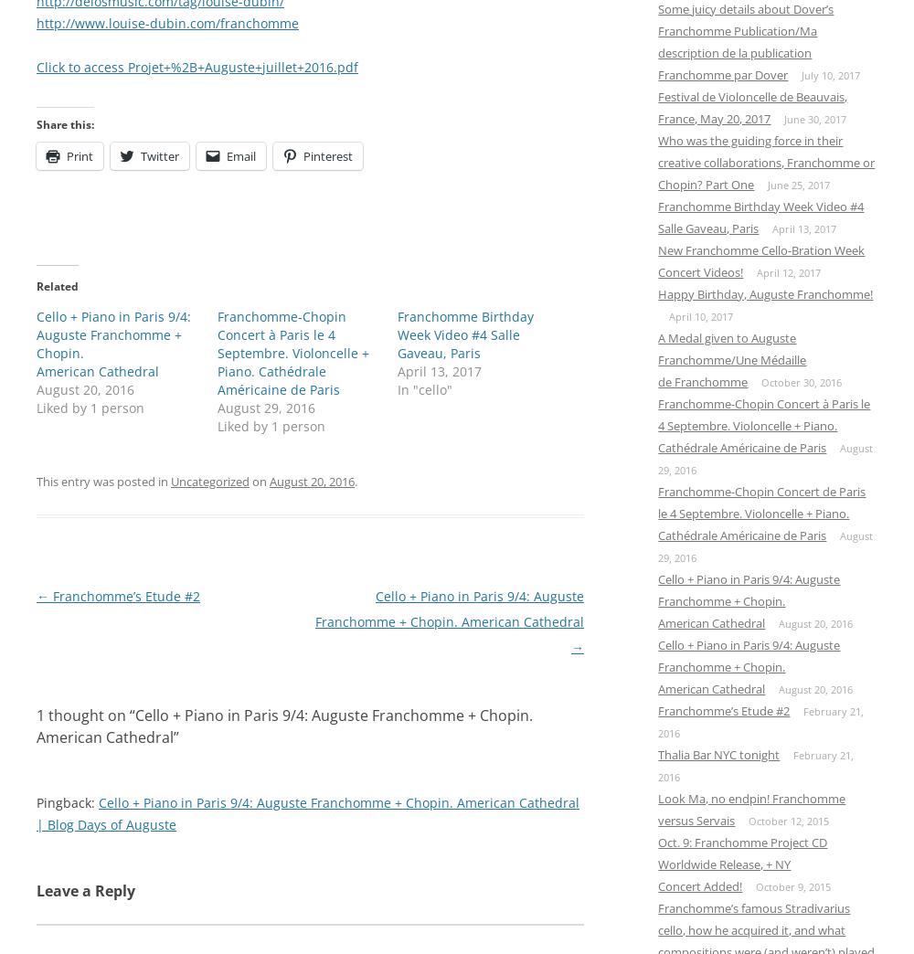  What do you see at coordinates (760, 260) in the screenshot?
I see `'New Franchomme Cello-Bration Week Concert Videos!'` at bounding box center [760, 260].